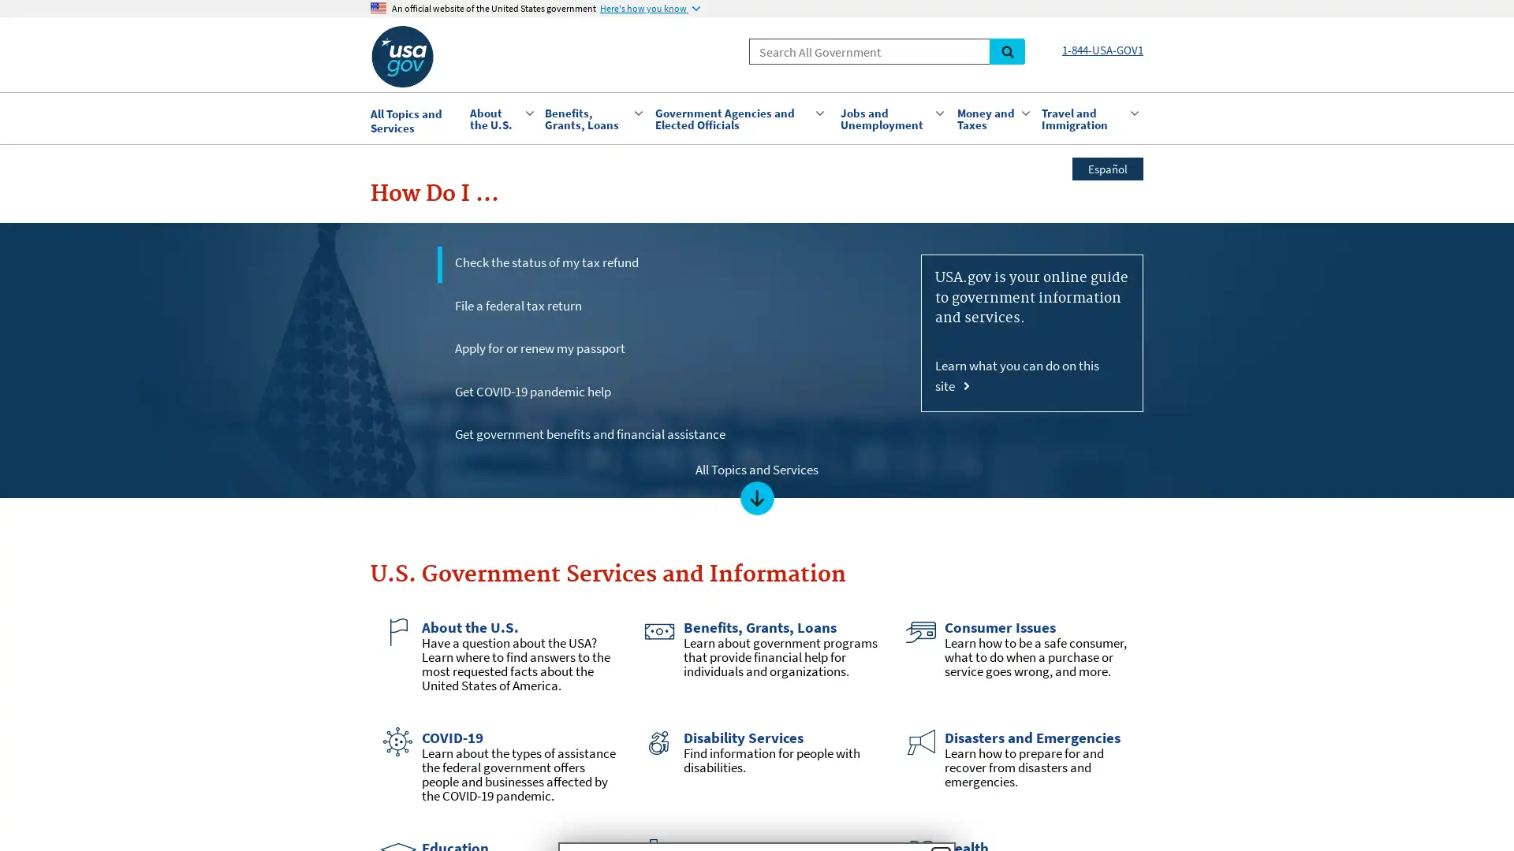  Describe the element at coordinates (890, 117) in the screenshot. I see `Jobs and Unemployment` at that location.